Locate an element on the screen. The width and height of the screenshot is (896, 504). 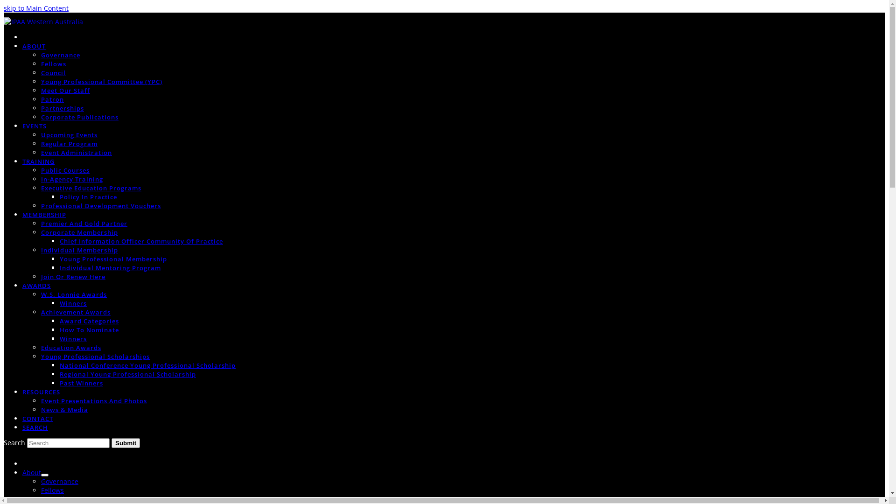
'Partnerships' is located at coordinates (62, 107).